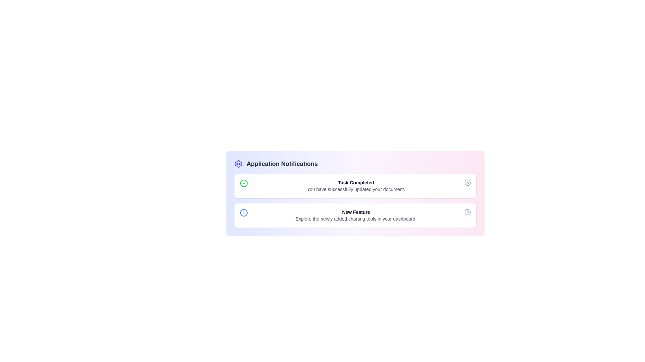  Describe the element at coordinates (355, 216) in the screenshot. I see `the notification item with title New Feature` at that location.